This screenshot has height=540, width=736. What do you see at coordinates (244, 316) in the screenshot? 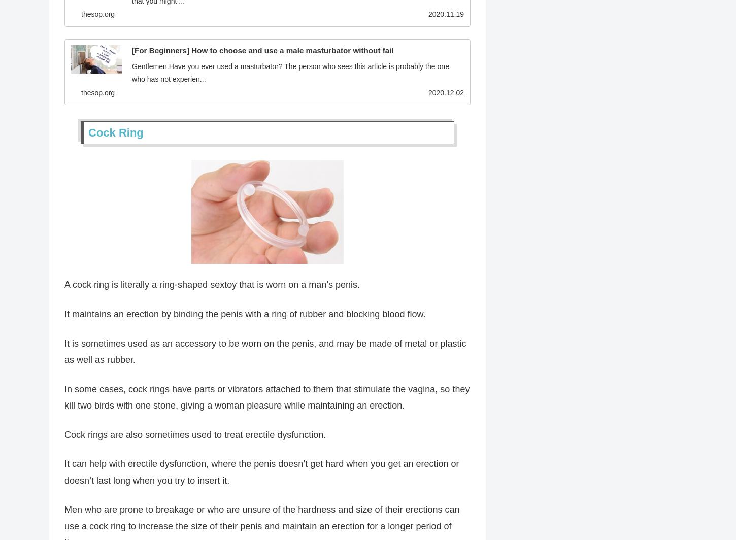
I see `'It maintains an erection by binding the penis with a ring of rubber and blocking blood flow.'` at bounding box center [244, 316].